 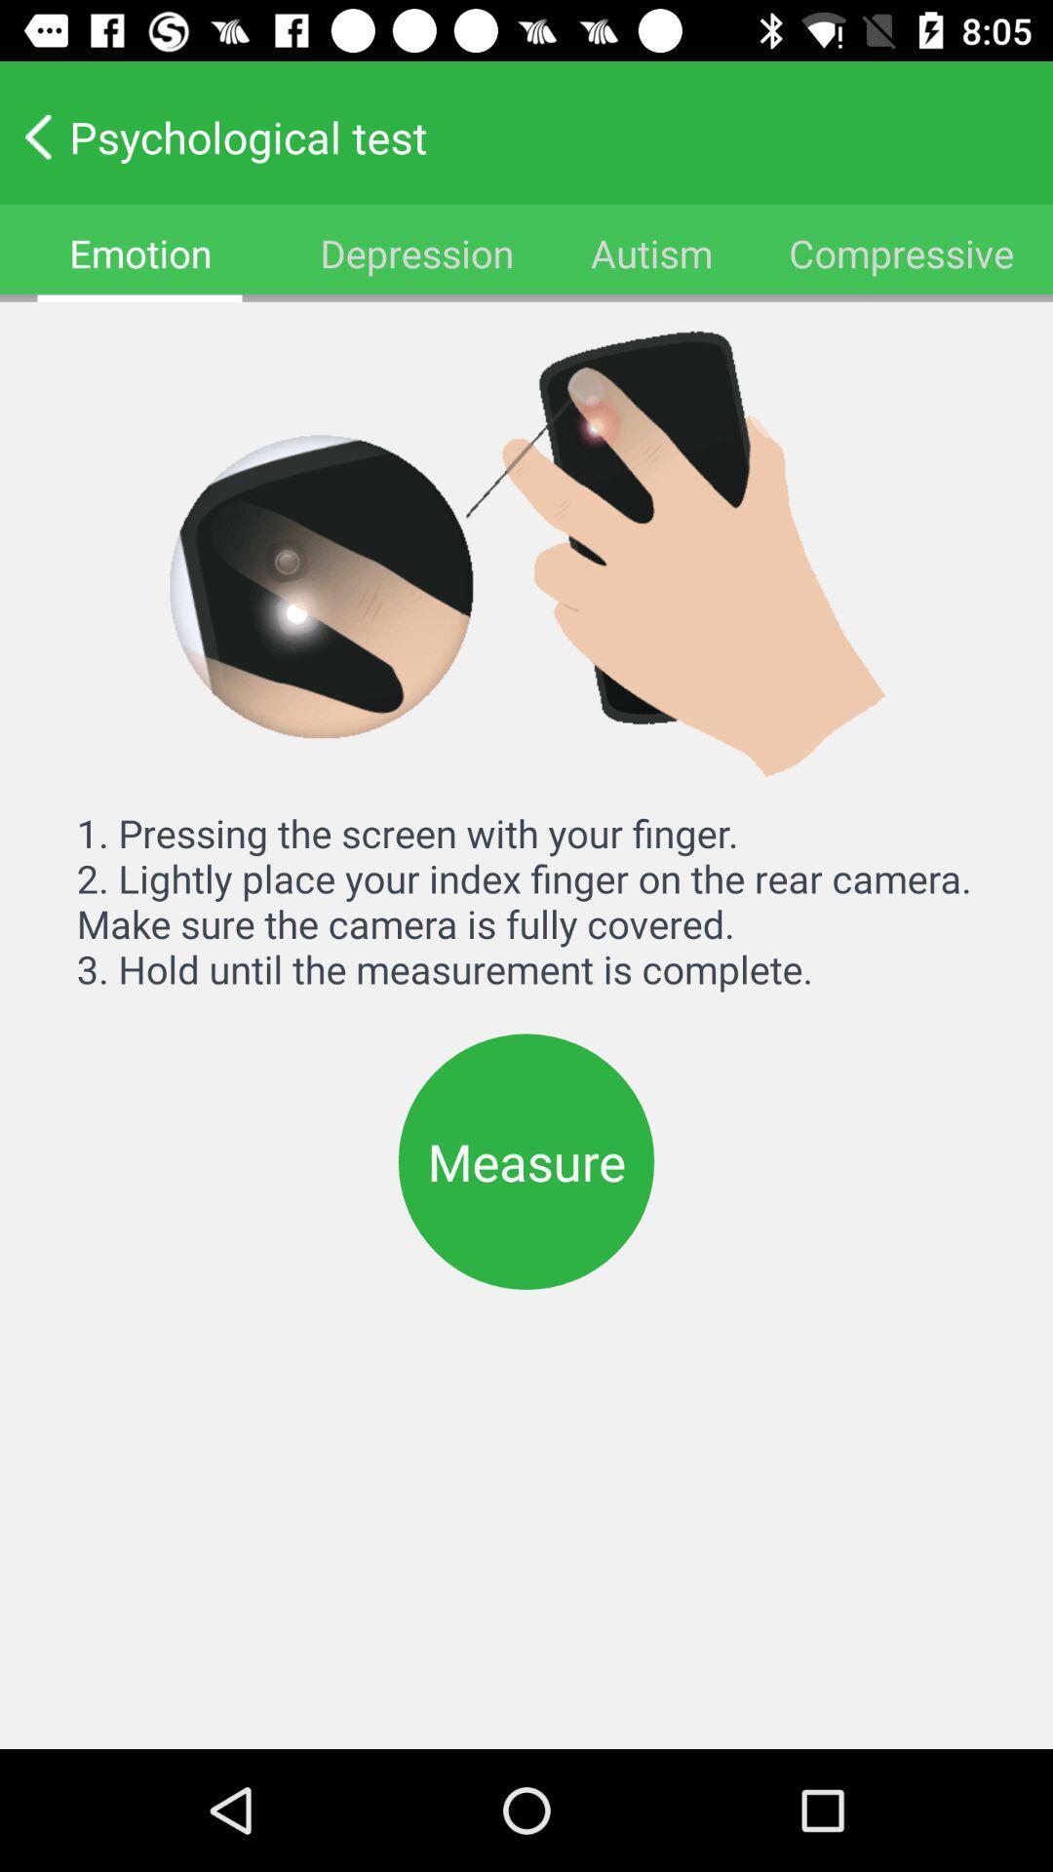 What do you see at coordinates (651, 252) in the screenshot?
I see `item to the left of the compressive` at bounding box center [651, 252].